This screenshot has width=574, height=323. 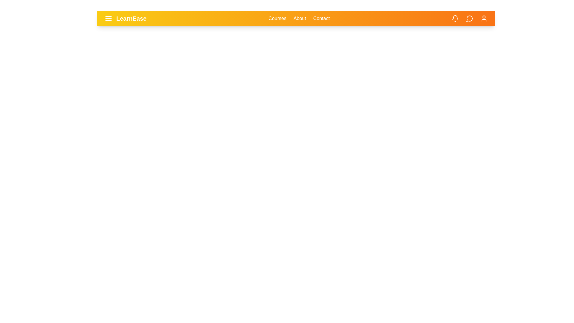 What do you see at coordinates (484, 18) in the screenshot?
I see `the user icon to access the user profile` at bounding box center [484, 18].